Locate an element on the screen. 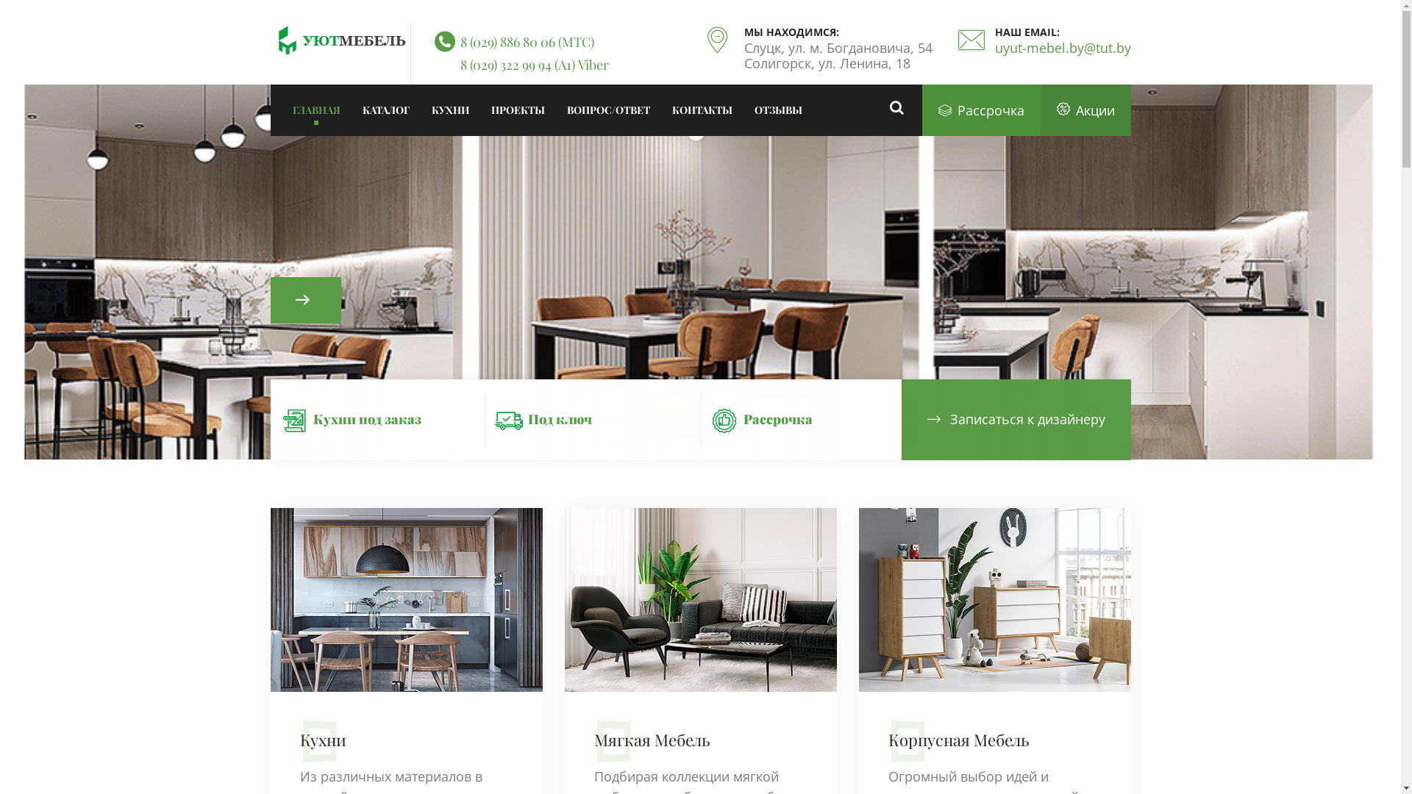 Image resolution: width=1412 pixels, height=794 pixels. 'uyut-mebel.by@tut.by' is located at coordinates (1062, 47).